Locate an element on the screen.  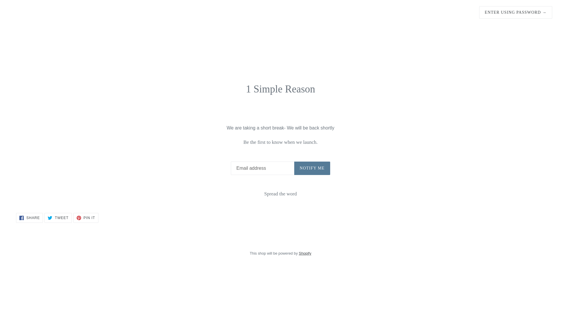
'PIN IT is located at coordinates (85, 218).